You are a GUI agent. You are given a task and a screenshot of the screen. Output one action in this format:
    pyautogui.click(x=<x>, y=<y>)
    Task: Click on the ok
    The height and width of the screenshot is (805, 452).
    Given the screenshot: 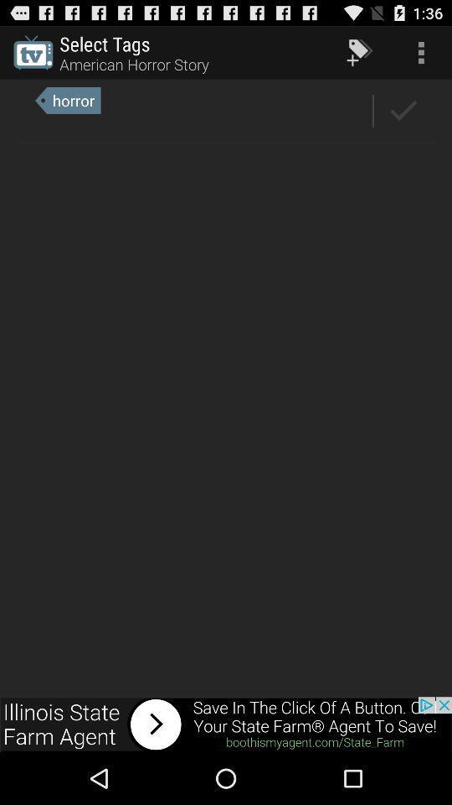 What is the action you would take?
    pyautogui.click(x=403, y=110)
    